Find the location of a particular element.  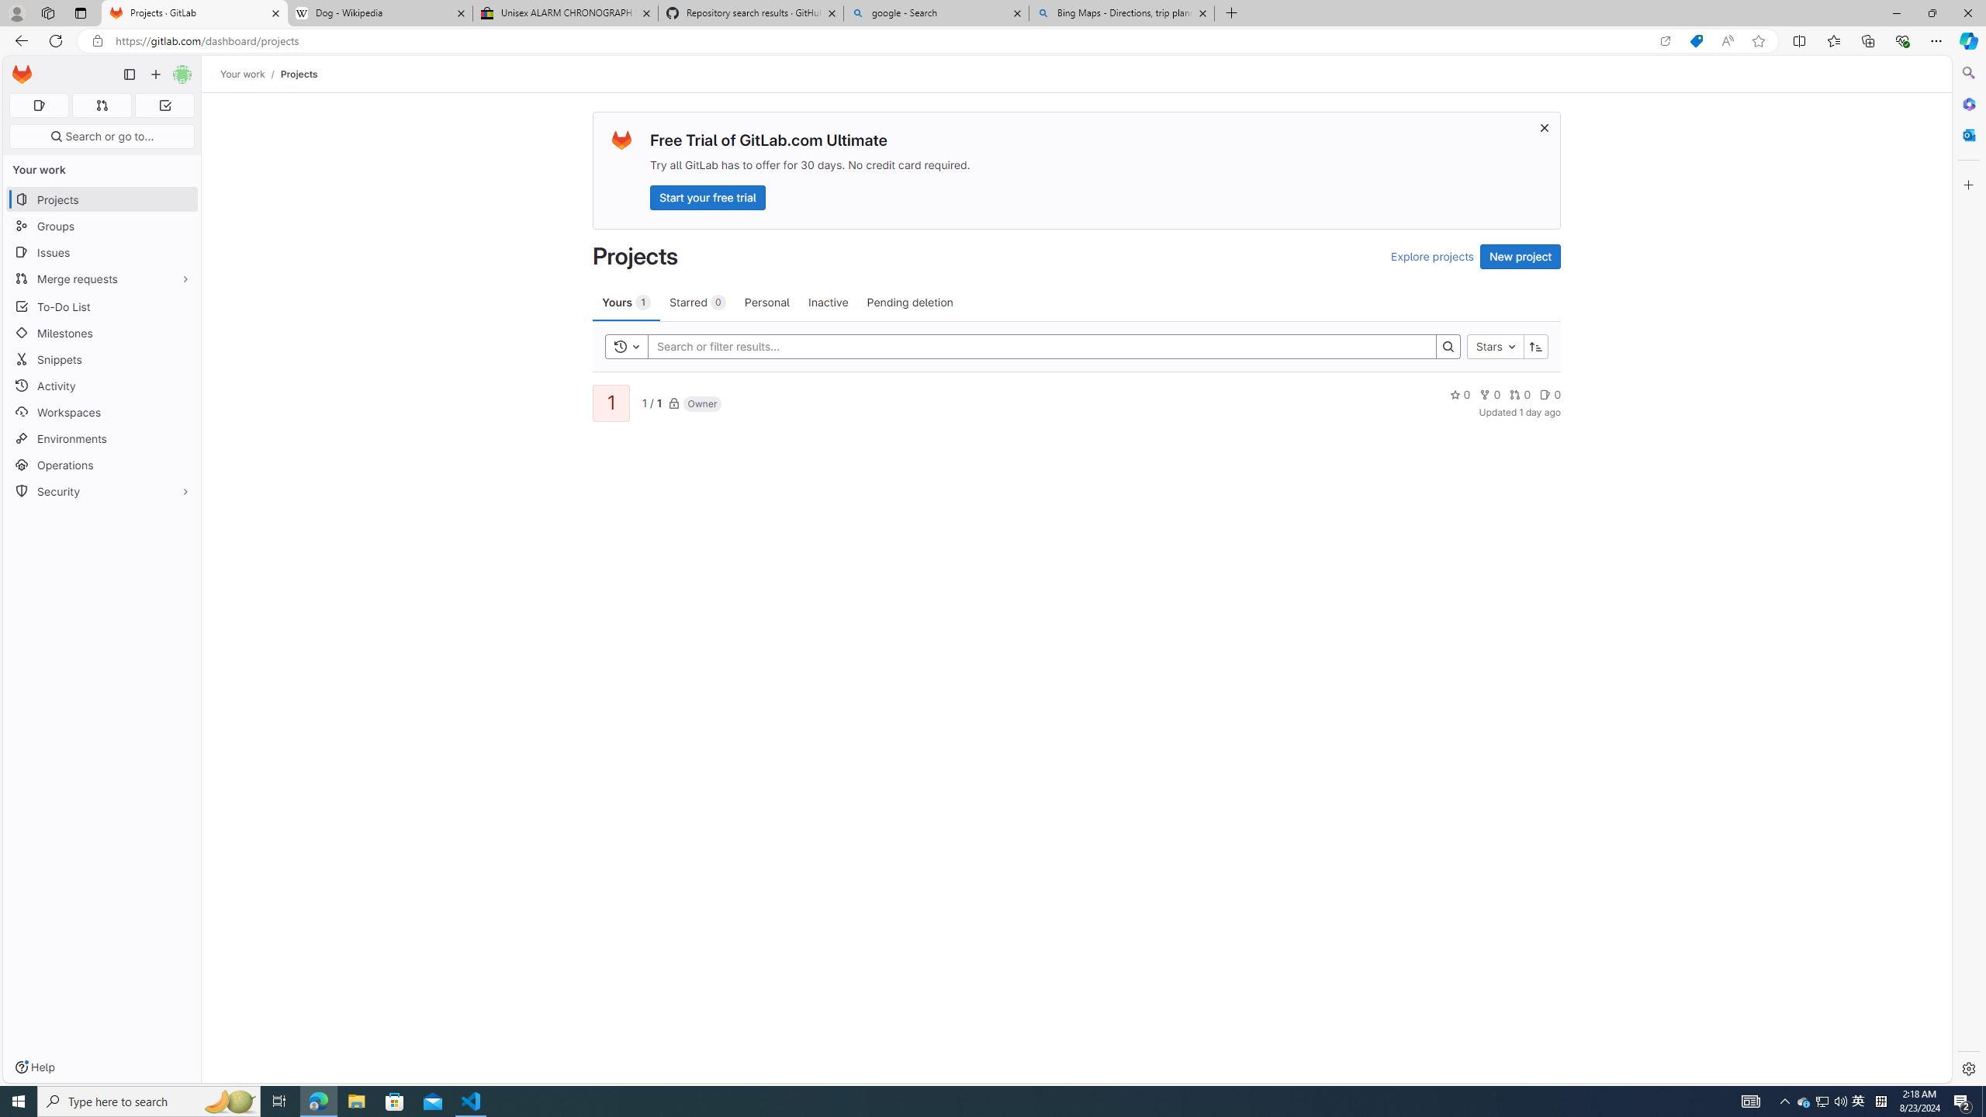

'Projects' is located at coordinates (298, 74).